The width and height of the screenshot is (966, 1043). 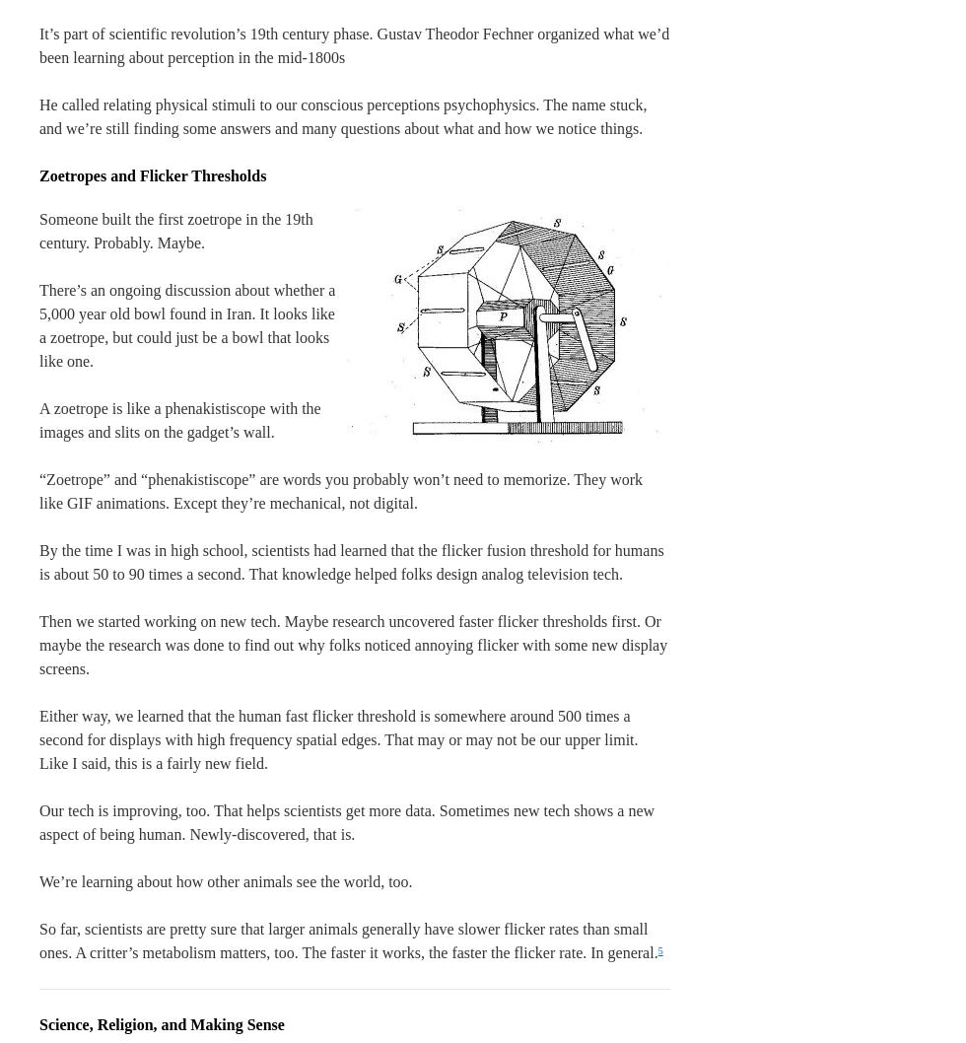 What do you see at coordinates (226, 881) in the screenshot?
I see `'We’re learning about how other animals see the world, too.'` at bounding box center [226, 881].